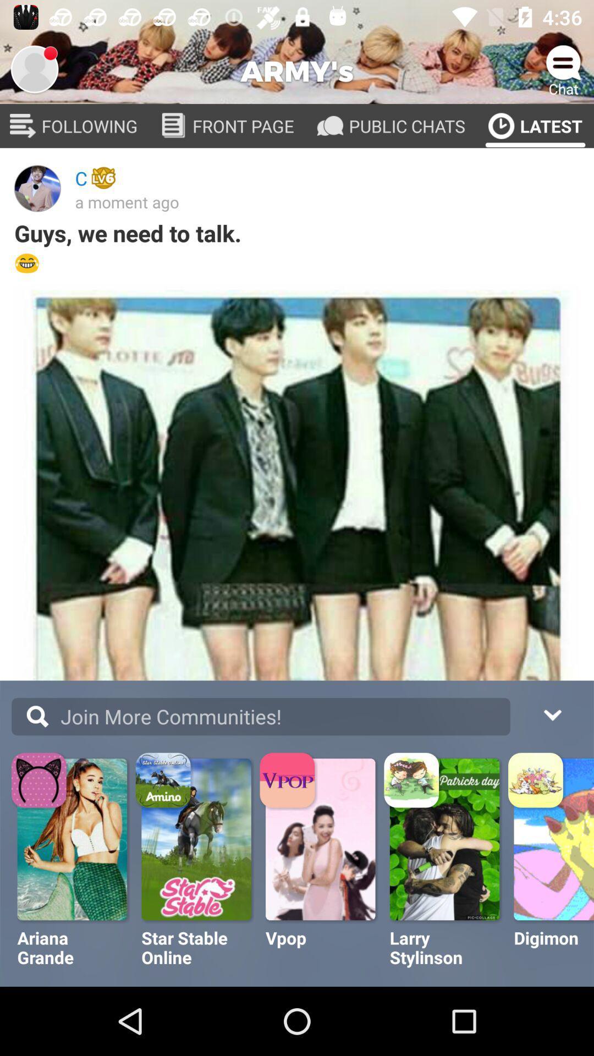 The image size is (594, 1056). Describe the element at coordinates (288, 781) in the screenshot. I see `the vpop icon` at that location.